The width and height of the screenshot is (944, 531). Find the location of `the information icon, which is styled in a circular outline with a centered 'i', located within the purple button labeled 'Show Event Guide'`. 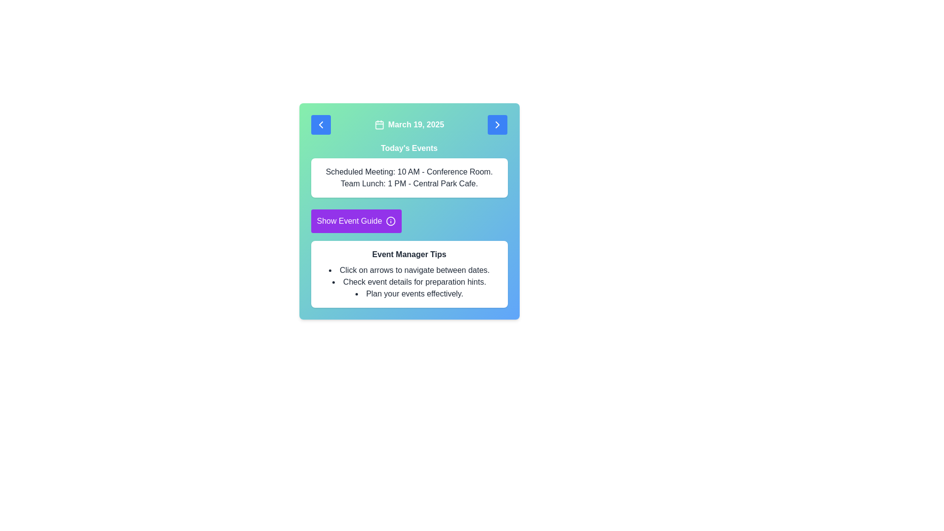

the information icon, which is styled in a circular outline with a centered 'i', located within the purple button labeled 'Show Event Guide' is located at coordinates (390, 221).